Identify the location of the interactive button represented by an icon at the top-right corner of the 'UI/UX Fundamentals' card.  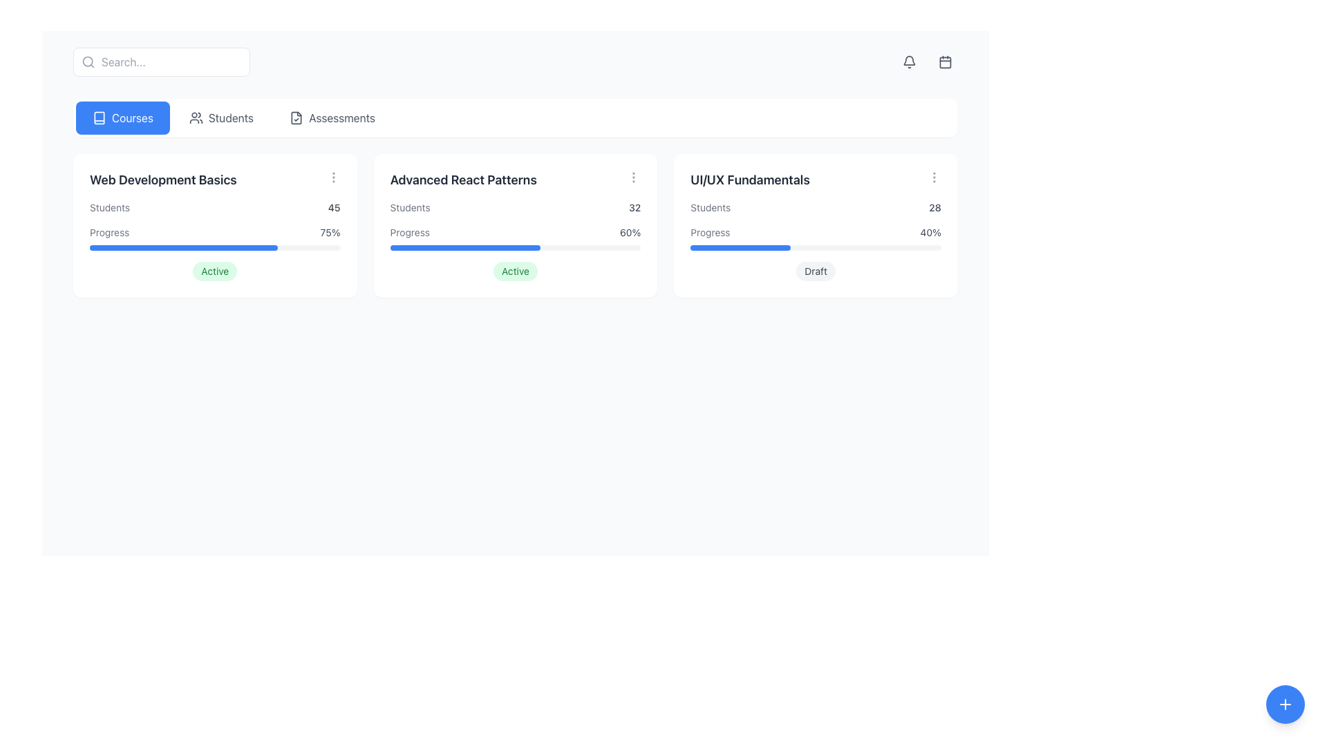
(934, 177).